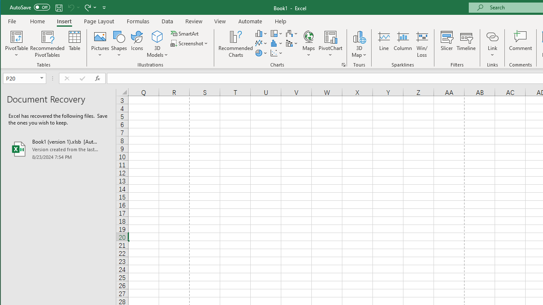  Describe the element at coordinates (261, 53) in the screenshot. I see `'Insert Pie or Doughnut Chart'` at that location.